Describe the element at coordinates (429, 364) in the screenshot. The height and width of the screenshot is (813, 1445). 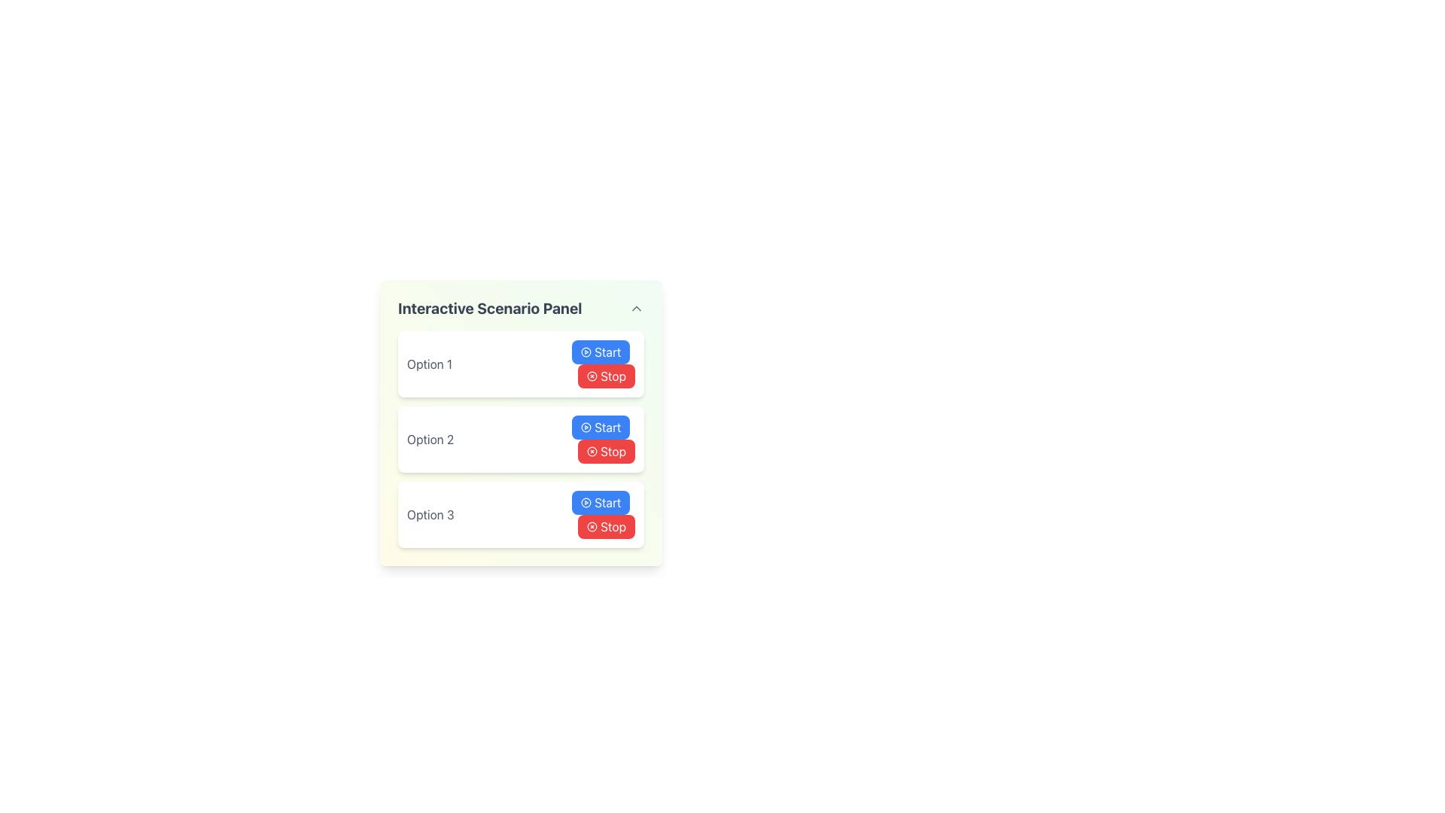
I see `the gray text label 'Option 1' which is centered above the 'Start' and 'Stop' buttons, located in the topmost row of a vertical list of containers` at that location.